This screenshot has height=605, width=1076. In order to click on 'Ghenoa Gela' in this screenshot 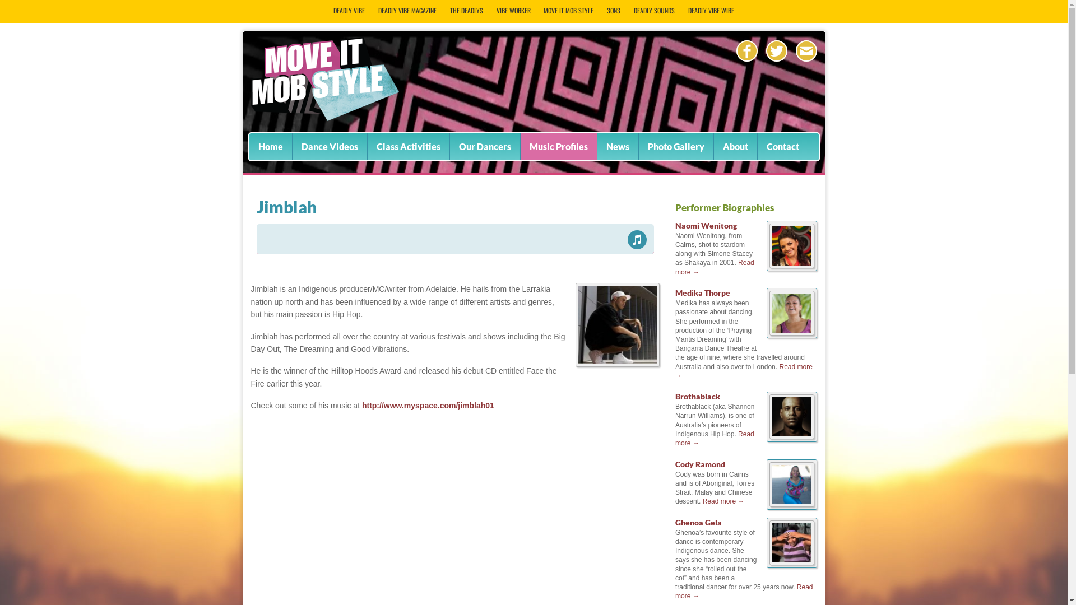, I will do `click(698, 522)`.